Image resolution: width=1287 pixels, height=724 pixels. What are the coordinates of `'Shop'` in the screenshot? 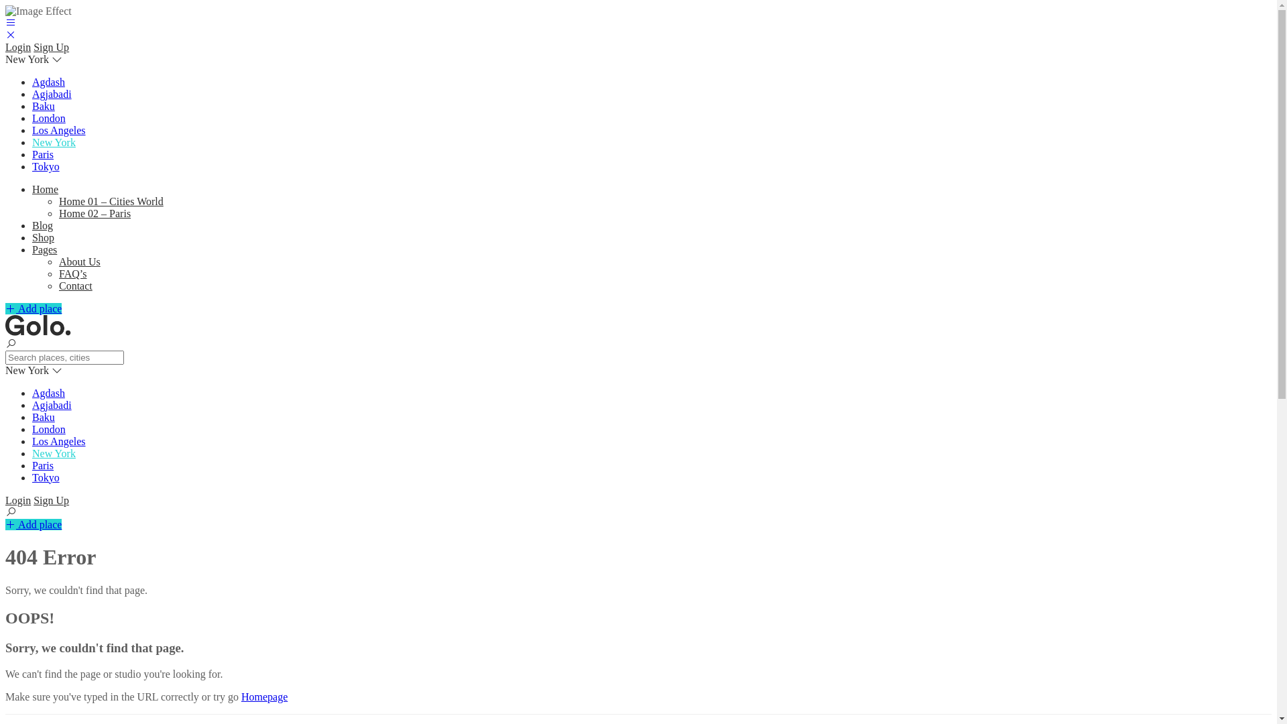 It's located at (43, 237).